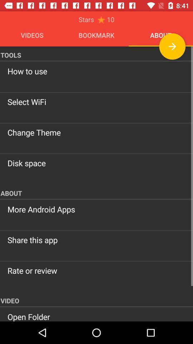 The height and width of the screenshot is (344, 193). Describe the element at coordinates (96, 316) in the screenshot. I see `the open folder icon` at that location.